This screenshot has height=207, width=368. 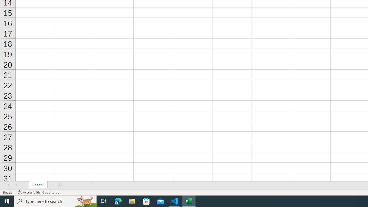 I want to click on 'Sheet1', so click(x=38, y=185).